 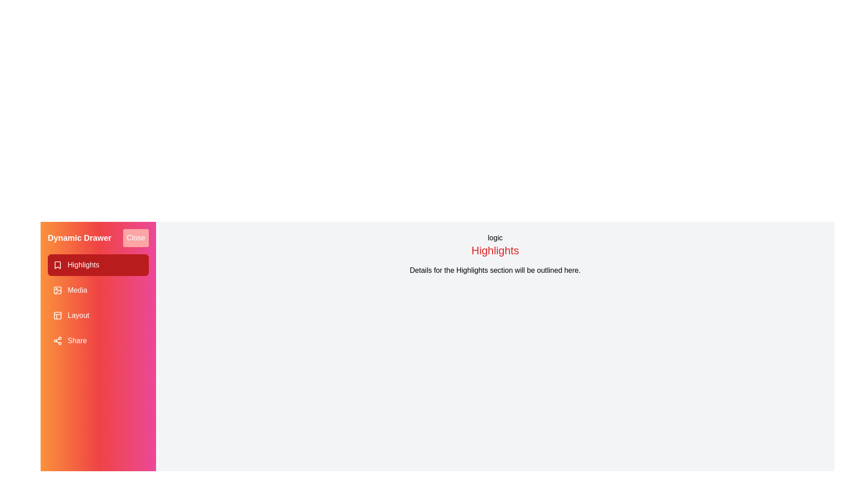 What do you see at coordinates (98, 290) in the screenshot?
I see `the section Media from the drawer` at bounding box center [98, 290].